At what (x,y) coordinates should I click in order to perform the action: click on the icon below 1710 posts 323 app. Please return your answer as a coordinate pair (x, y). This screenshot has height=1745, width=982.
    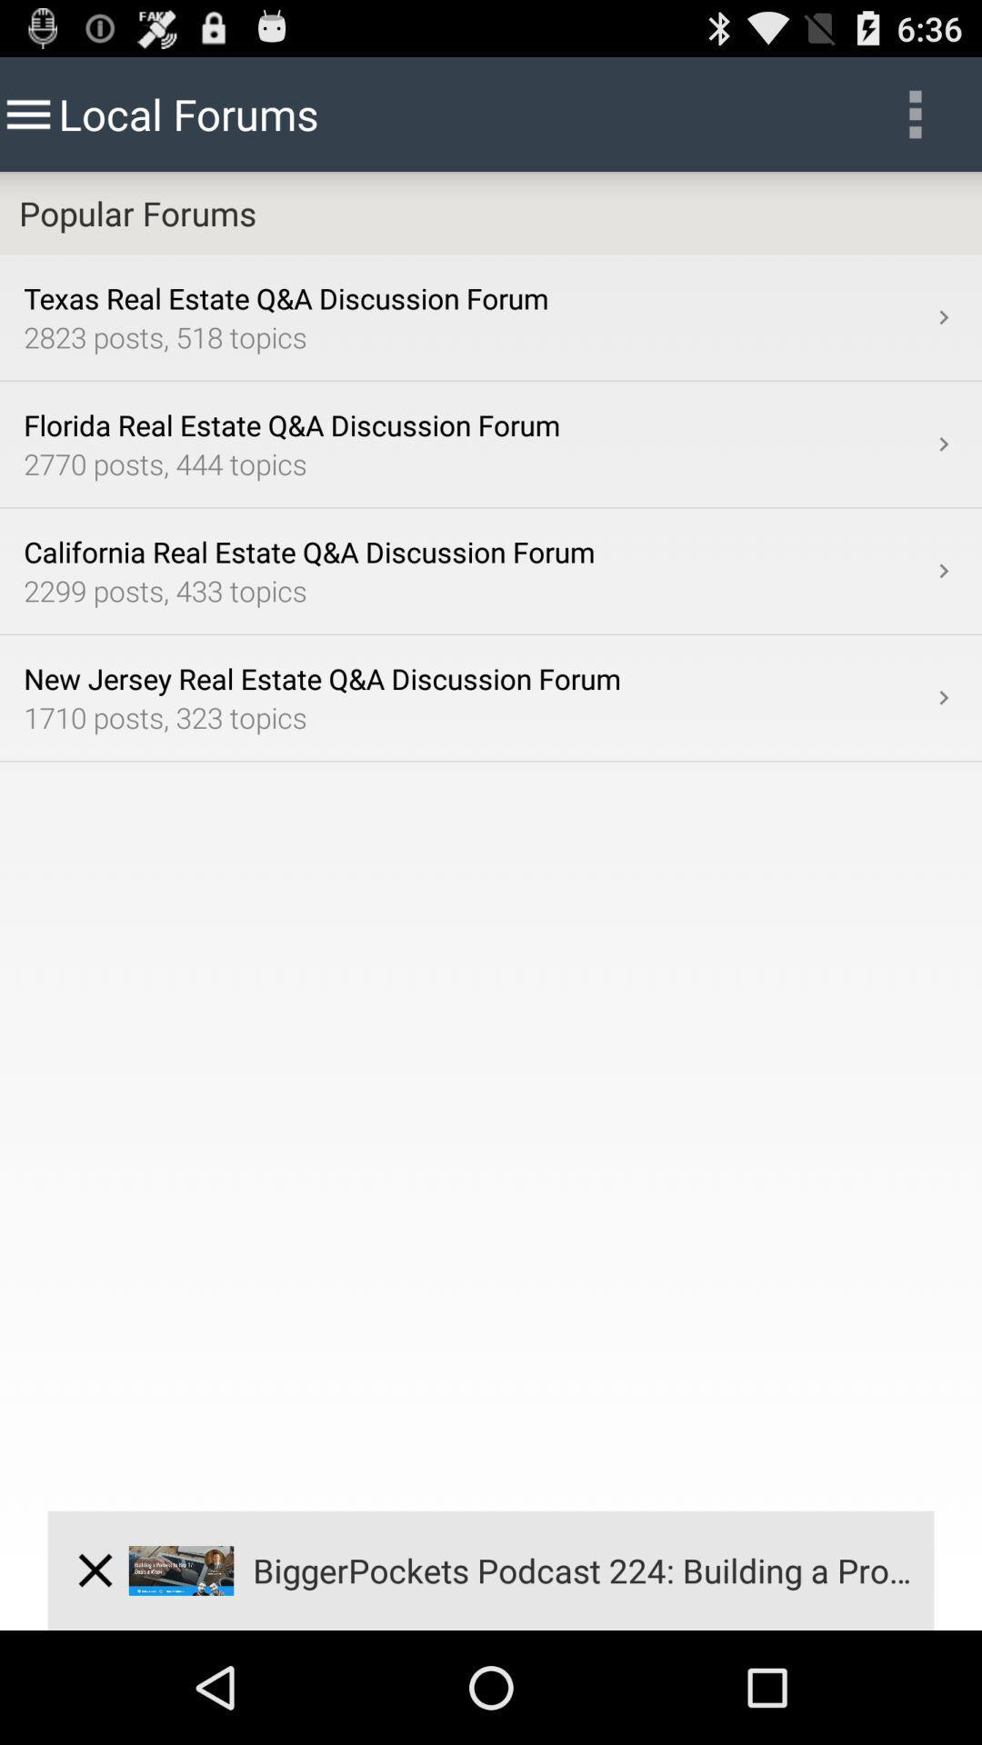
    Looking at the image, I should click on (95, 1570).